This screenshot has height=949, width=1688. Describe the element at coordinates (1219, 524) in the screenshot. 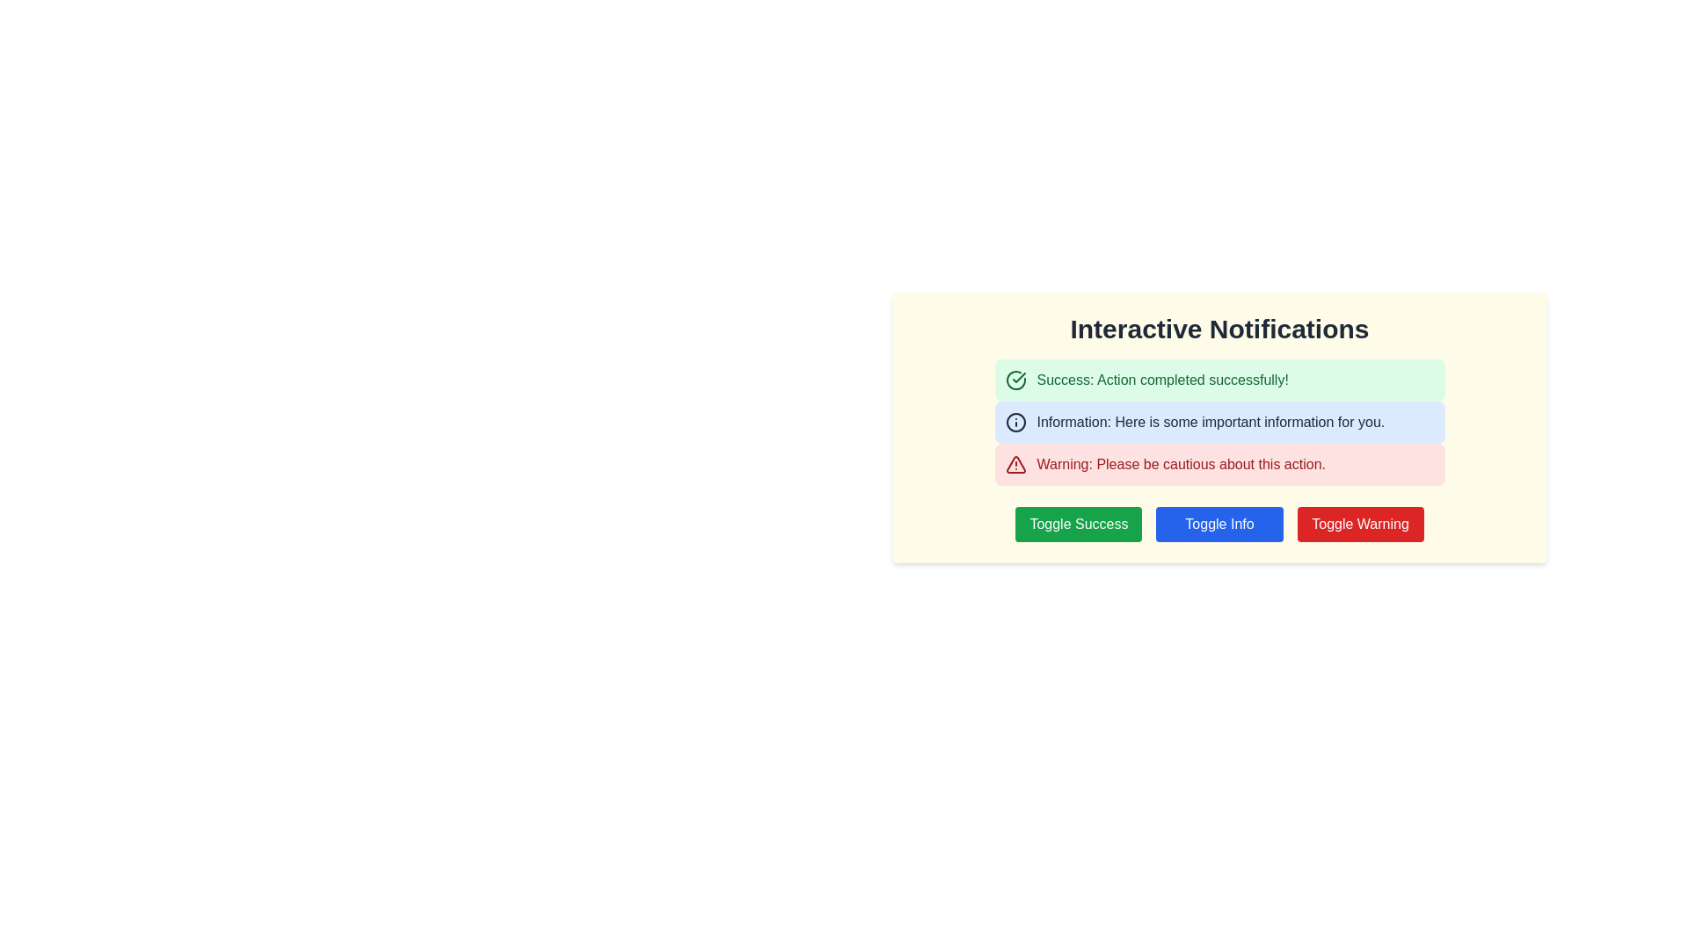

I see `the 'Toggle Info' button, which is a rectangular button with white text on a blue background` at that location.